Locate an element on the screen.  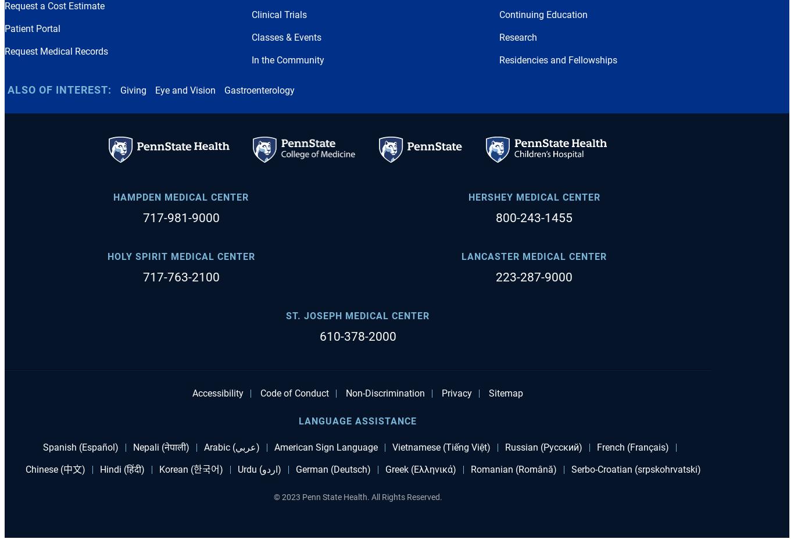
'Romanian (Română)' is located at coordinates (512, 469).